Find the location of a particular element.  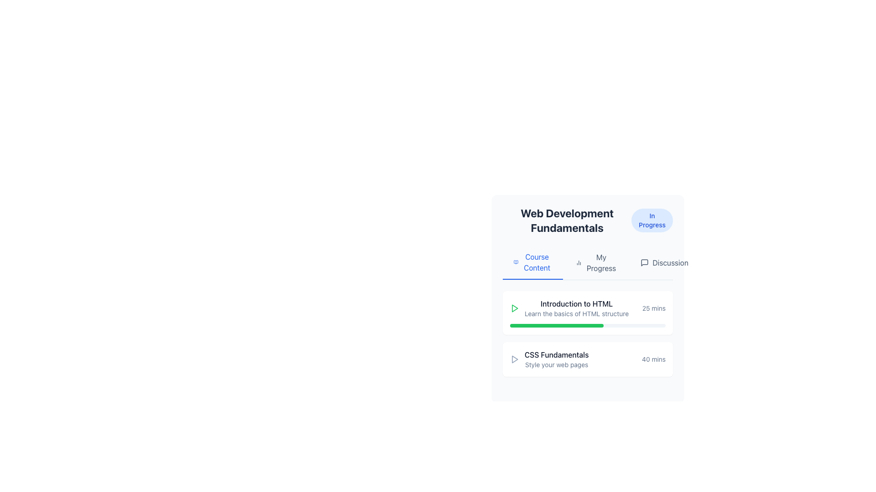

the bold, large-sized text label displaying 'Web Development Fundamentals' that is center-aligned at the top of its section is located at coordinates (567, 220).